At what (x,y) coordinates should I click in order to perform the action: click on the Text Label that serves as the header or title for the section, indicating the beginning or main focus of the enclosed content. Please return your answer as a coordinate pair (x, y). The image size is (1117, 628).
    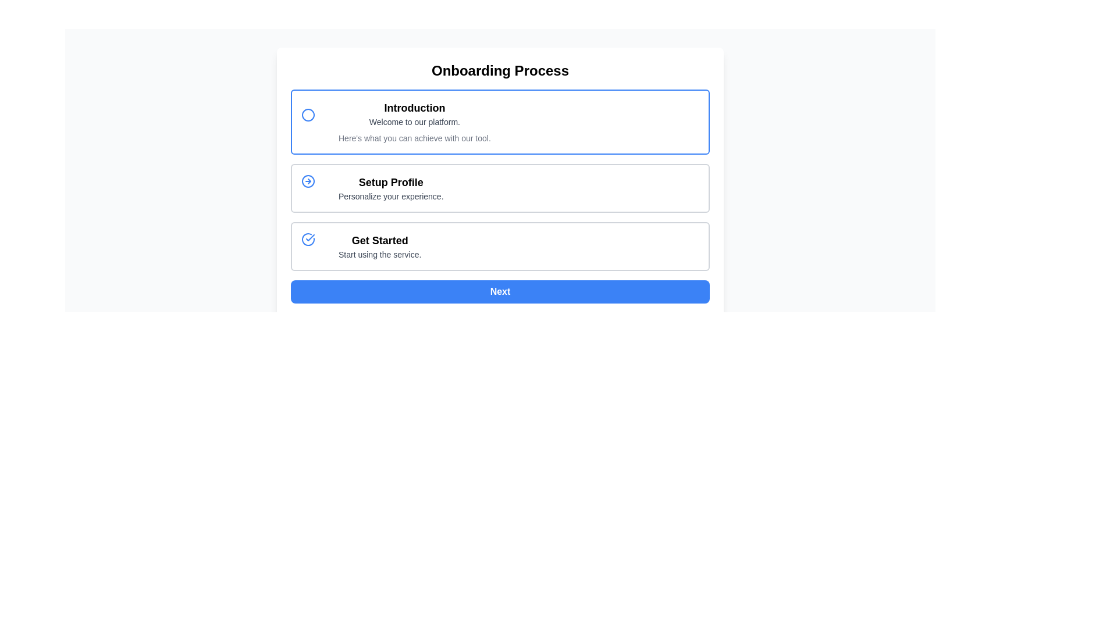
    Looking at the image, I should click on (414, 108).